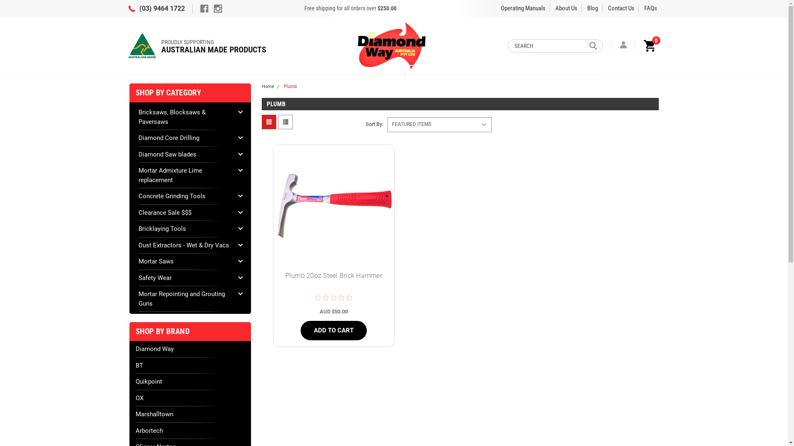 The image size is (794, 446). What do you see at coordinates (184, 196) in the screenshot?
I see `'Concrete Grinding Tools'` at bounding box center [184, 196].